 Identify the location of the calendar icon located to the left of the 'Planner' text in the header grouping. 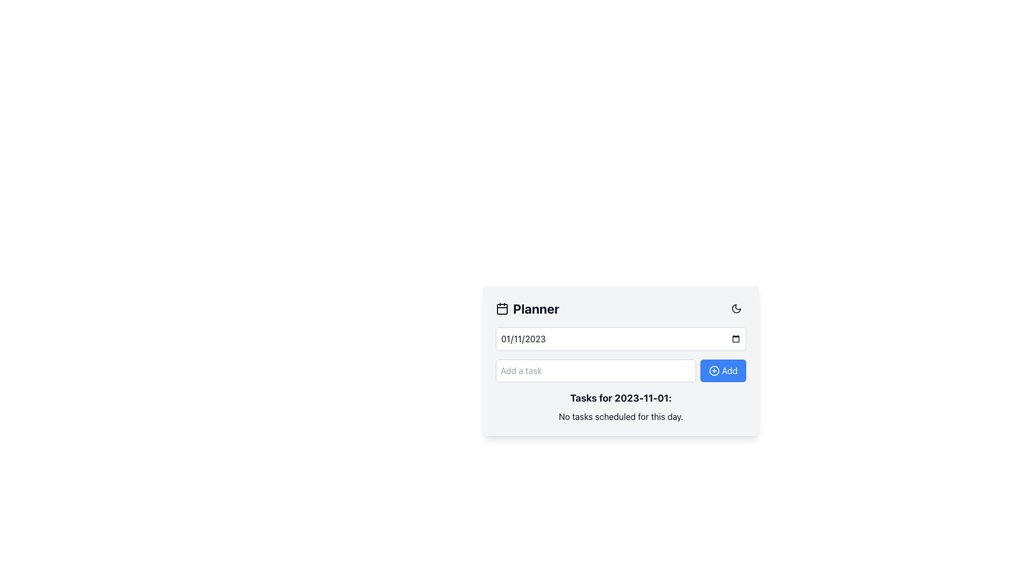
(502, 308).